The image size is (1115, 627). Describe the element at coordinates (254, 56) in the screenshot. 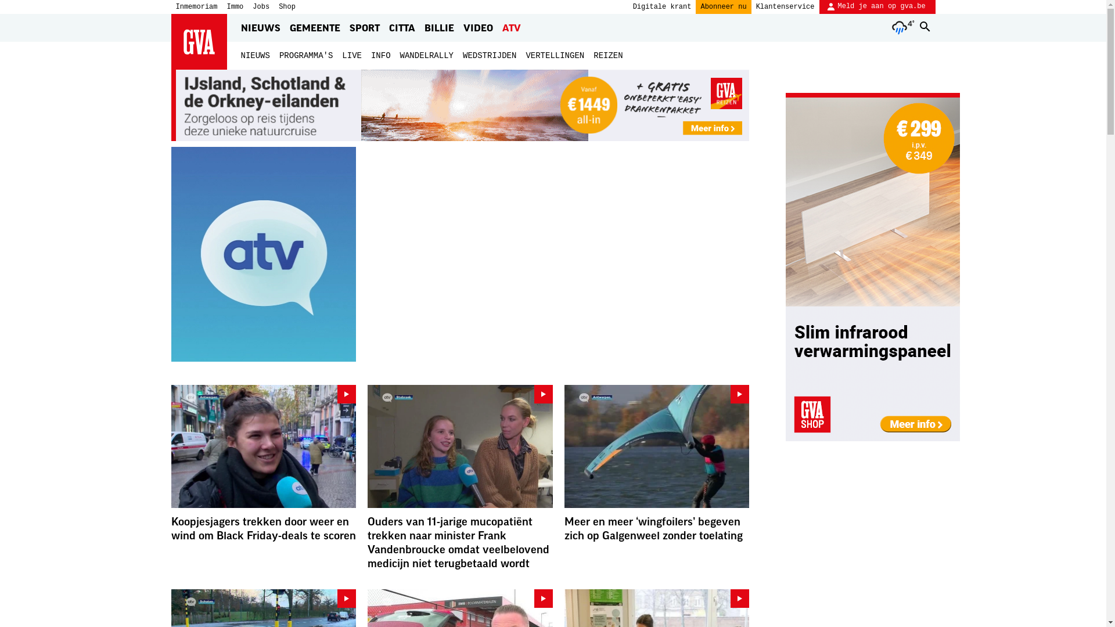

I see `'NIEUWS'` at that location.